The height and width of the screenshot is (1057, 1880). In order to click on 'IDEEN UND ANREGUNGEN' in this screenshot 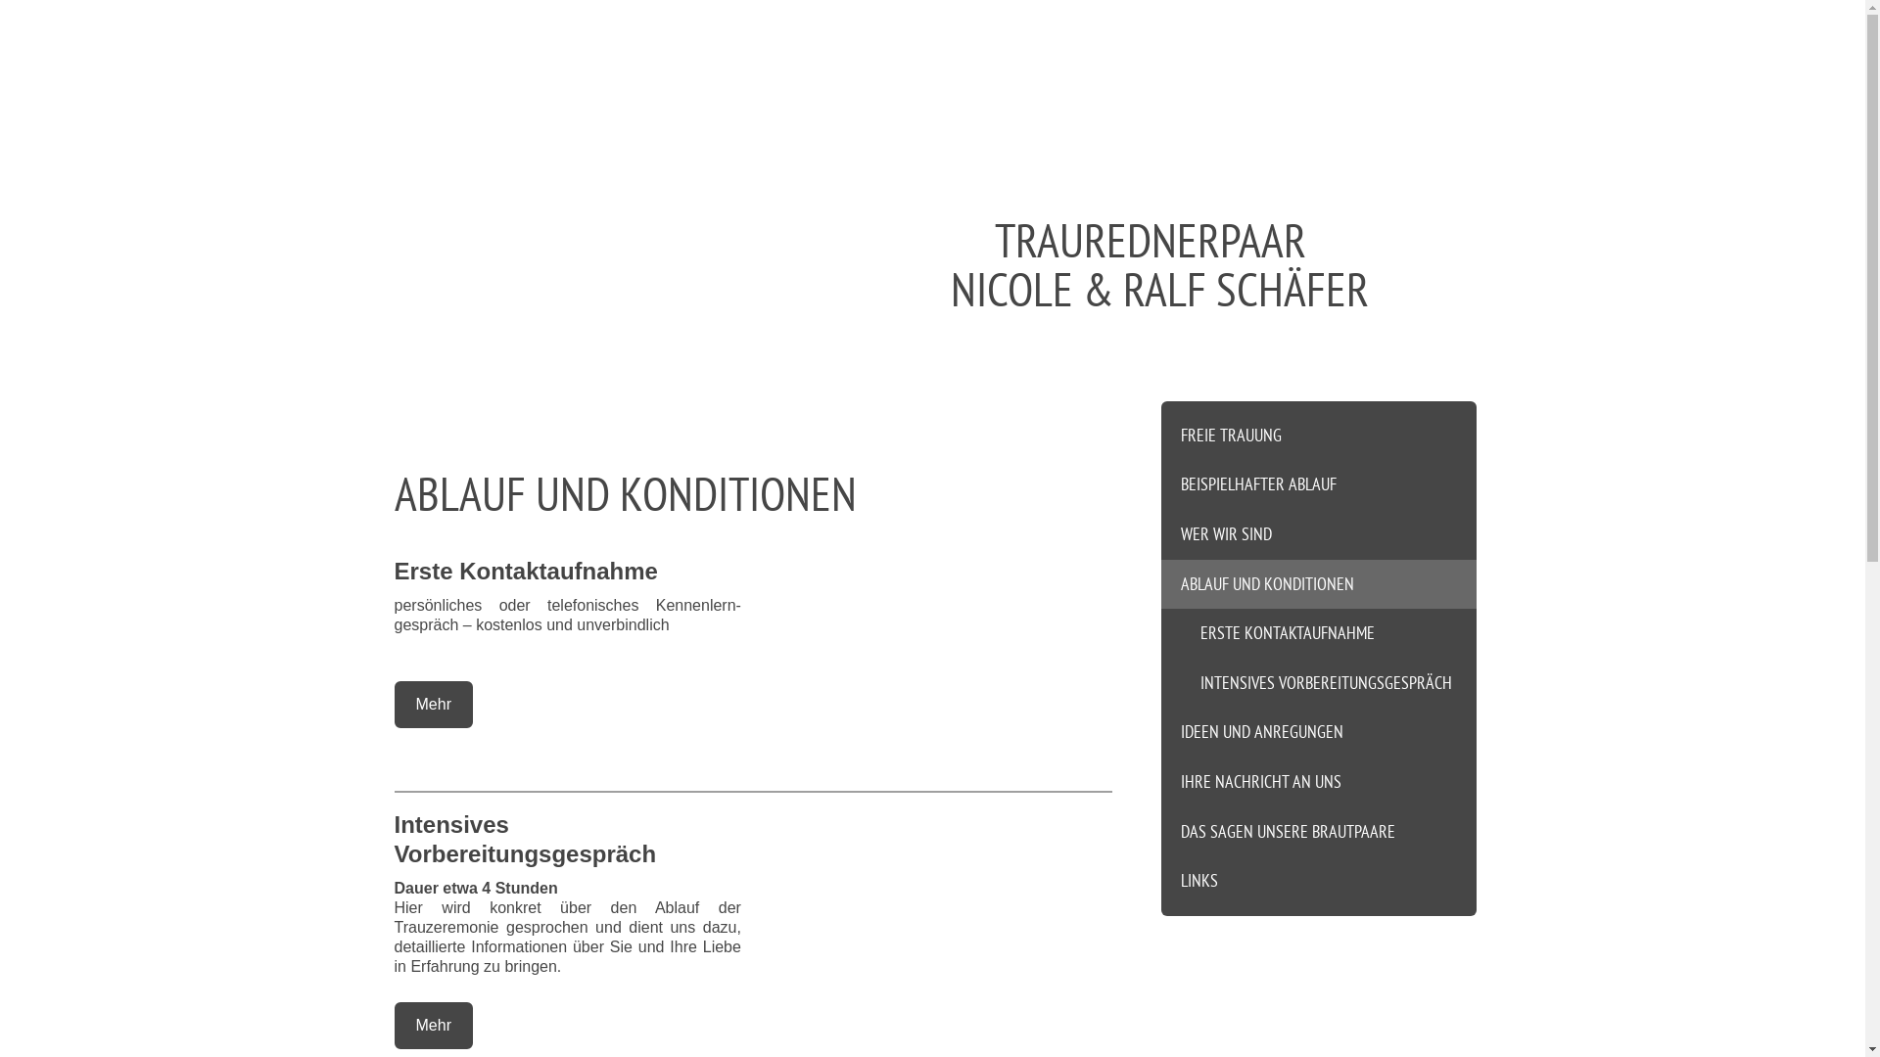, I will do `click(1319, 732)`.